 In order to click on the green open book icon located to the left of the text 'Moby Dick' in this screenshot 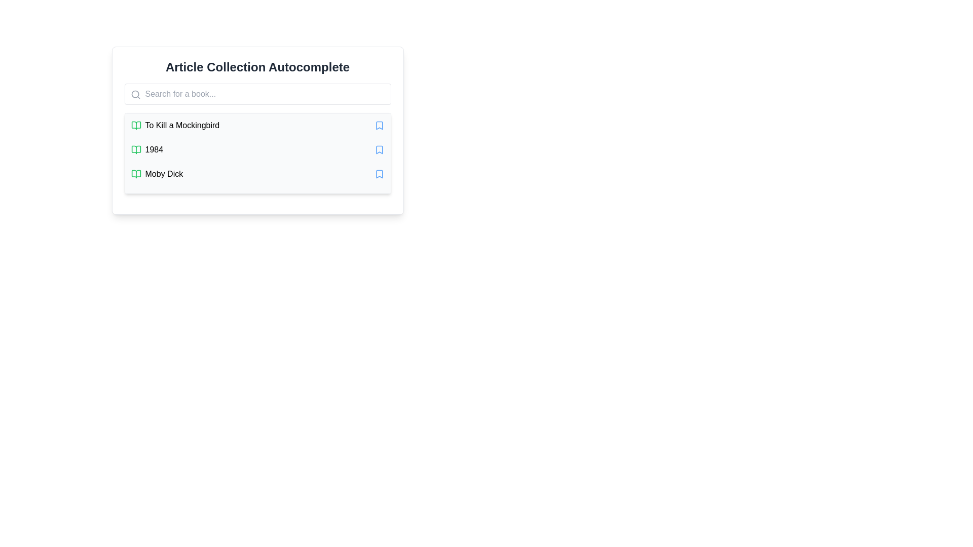, I will do `click(135, 173)`.